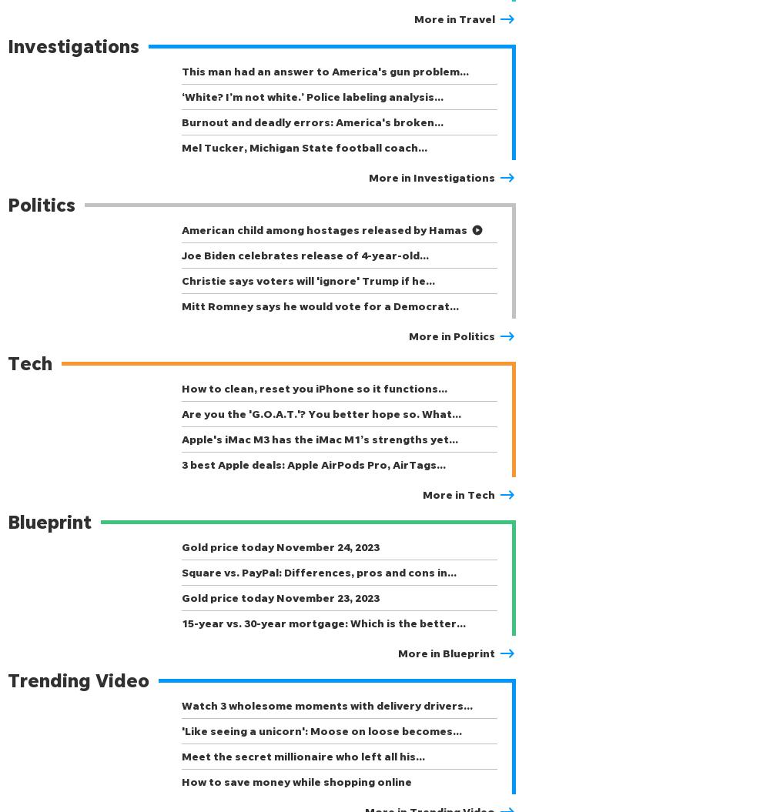 The height and width of the screenshot is (812, 770). Describe the element at coordinates (458, 494) in the screenshot. I see `'More in Tech'` at that location.